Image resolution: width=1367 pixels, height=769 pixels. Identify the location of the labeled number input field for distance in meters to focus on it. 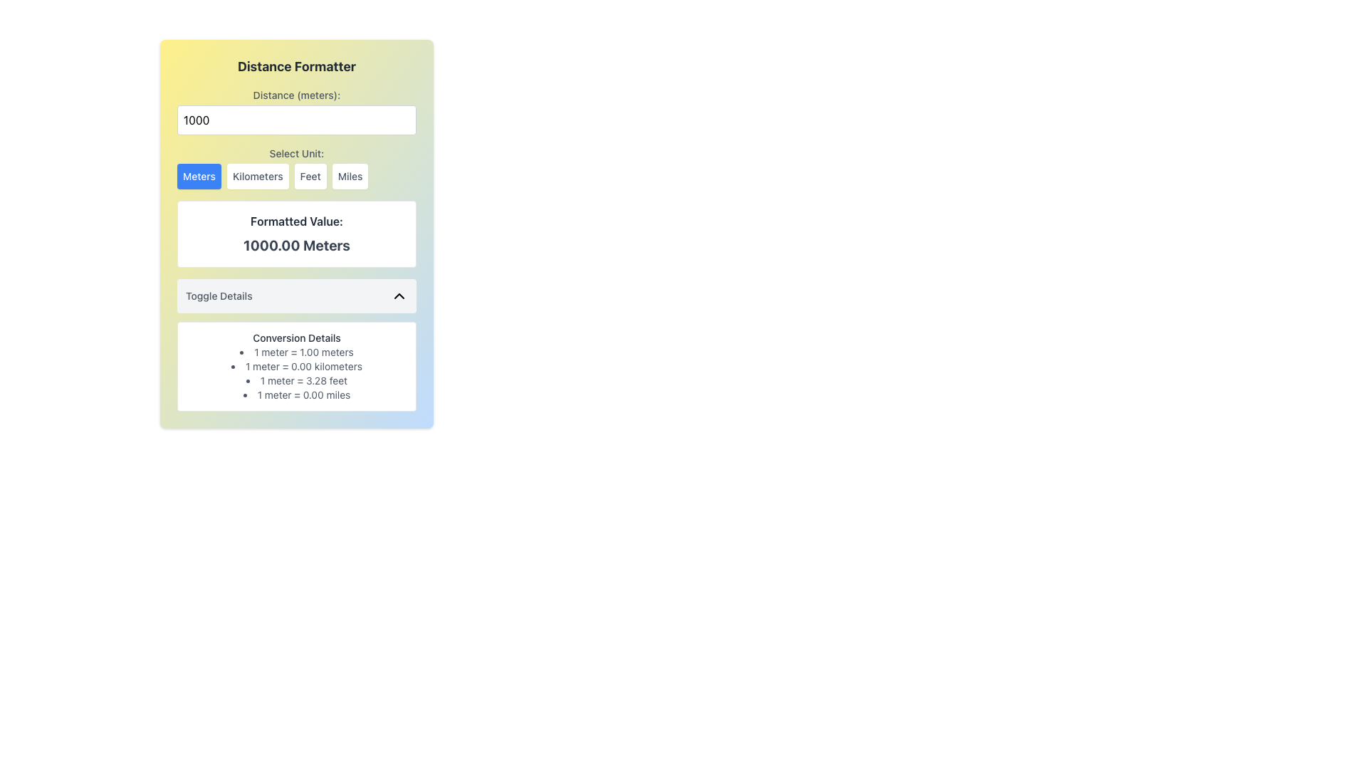
(296, 111).